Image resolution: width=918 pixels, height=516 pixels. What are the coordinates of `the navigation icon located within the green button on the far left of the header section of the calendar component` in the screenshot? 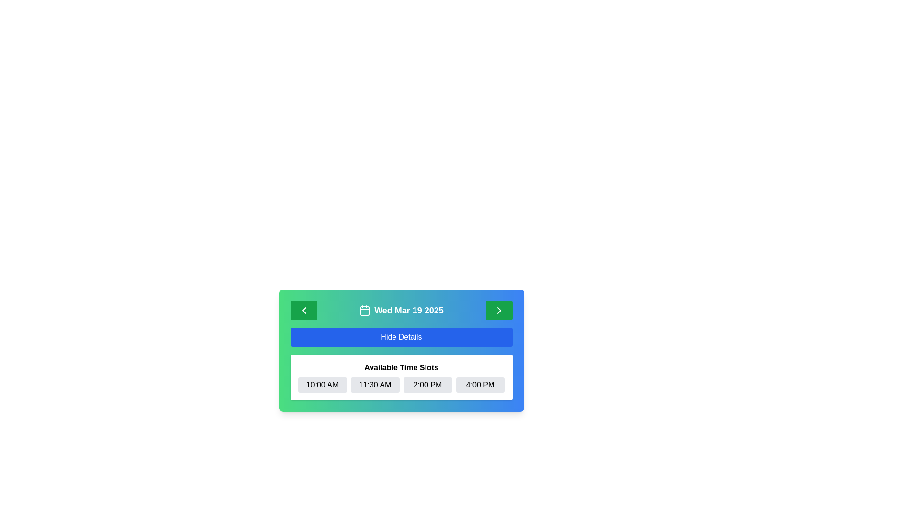 It's located at (303, 311).